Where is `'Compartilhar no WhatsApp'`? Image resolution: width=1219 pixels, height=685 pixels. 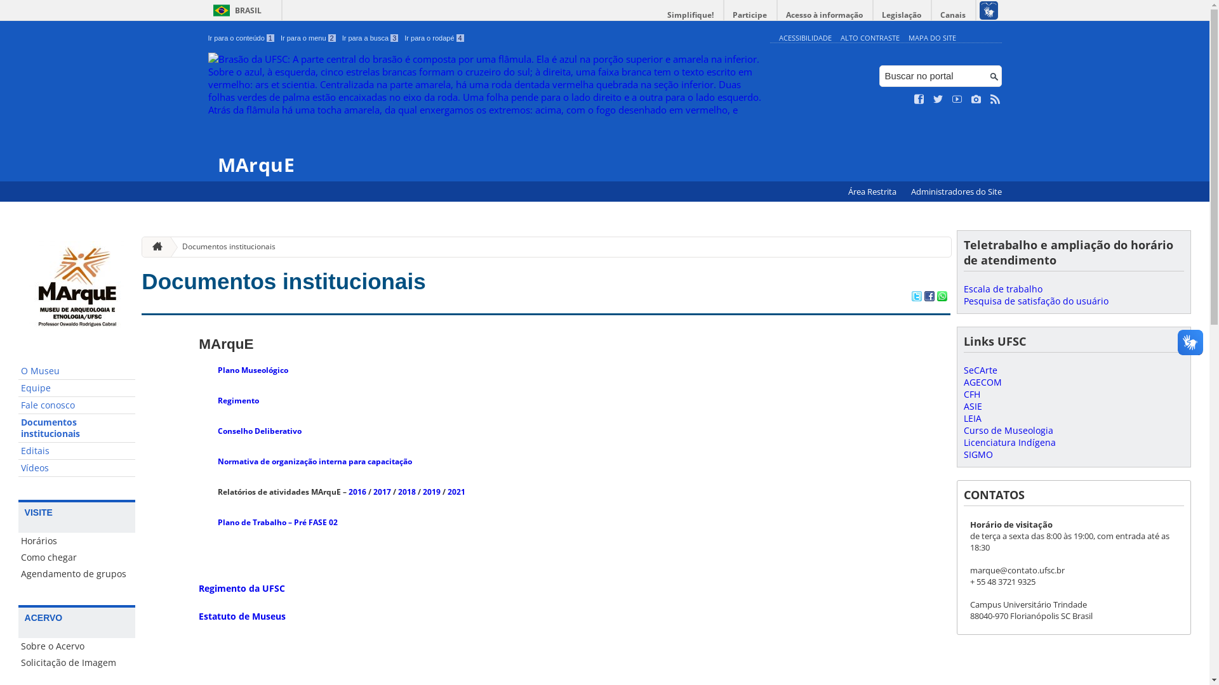 'Compartilhar no WhatsApp' is located at coordinates (942, 297).